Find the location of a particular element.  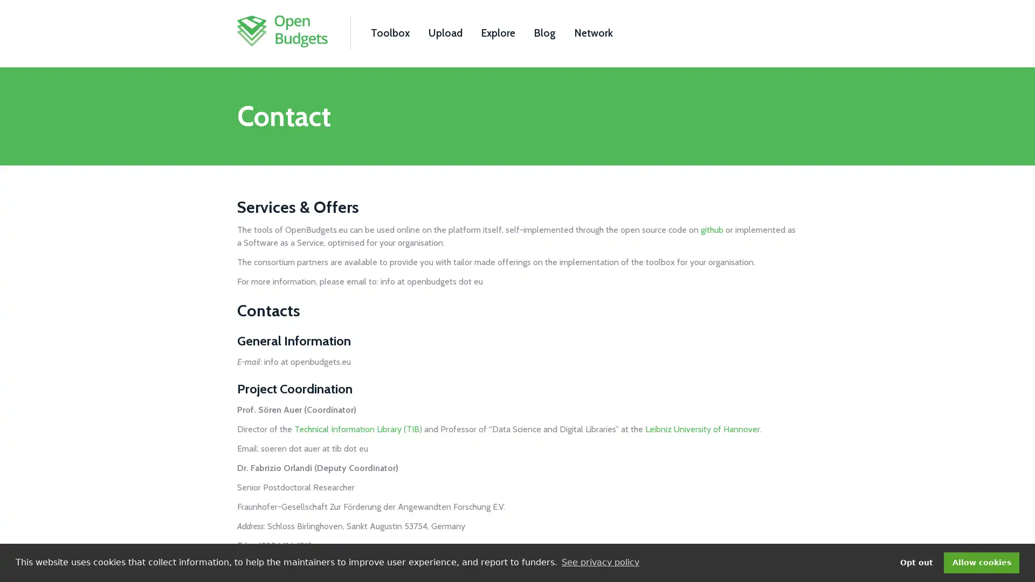

deny cookies is located at coordinates (915, 562).